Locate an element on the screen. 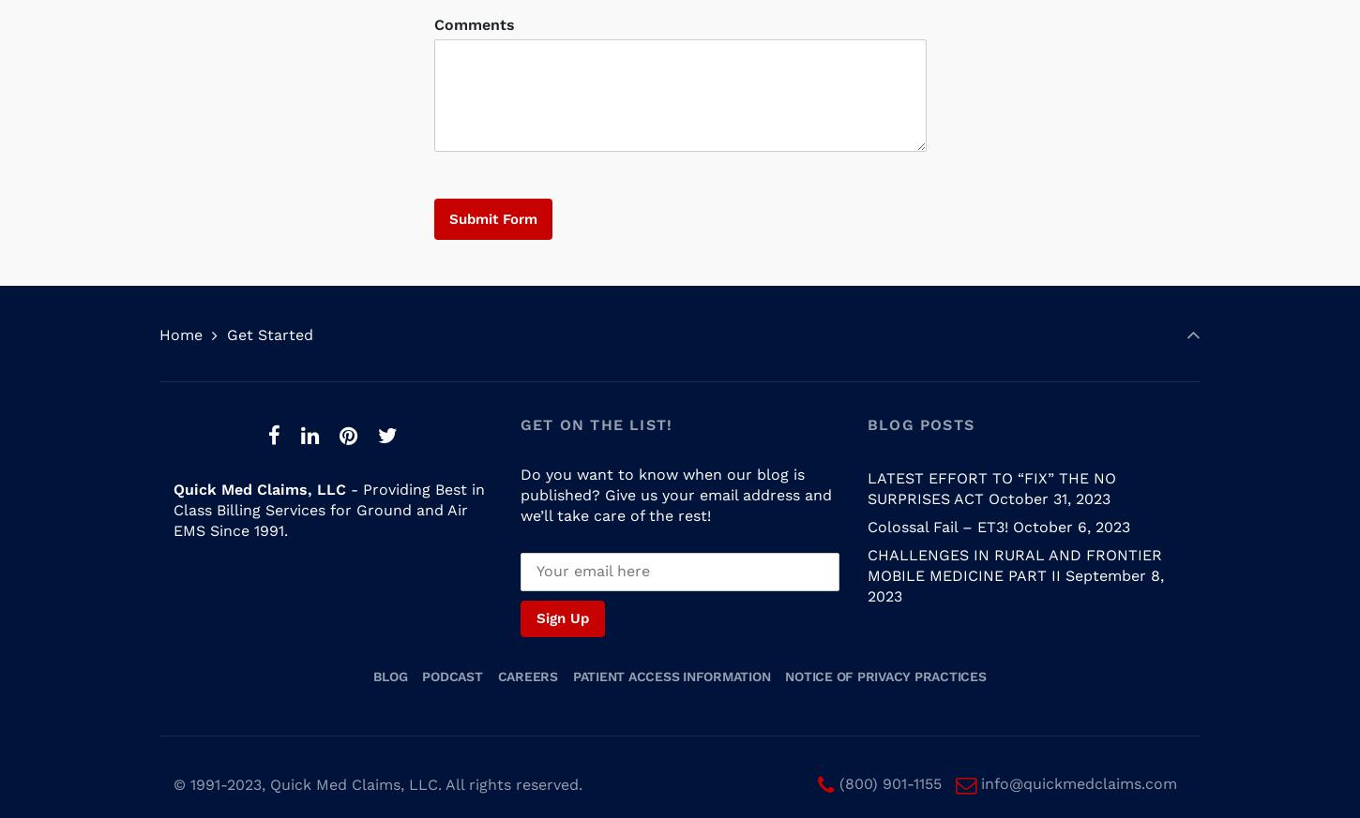  'Patient Access Information' is located at coordinates (670, 658).